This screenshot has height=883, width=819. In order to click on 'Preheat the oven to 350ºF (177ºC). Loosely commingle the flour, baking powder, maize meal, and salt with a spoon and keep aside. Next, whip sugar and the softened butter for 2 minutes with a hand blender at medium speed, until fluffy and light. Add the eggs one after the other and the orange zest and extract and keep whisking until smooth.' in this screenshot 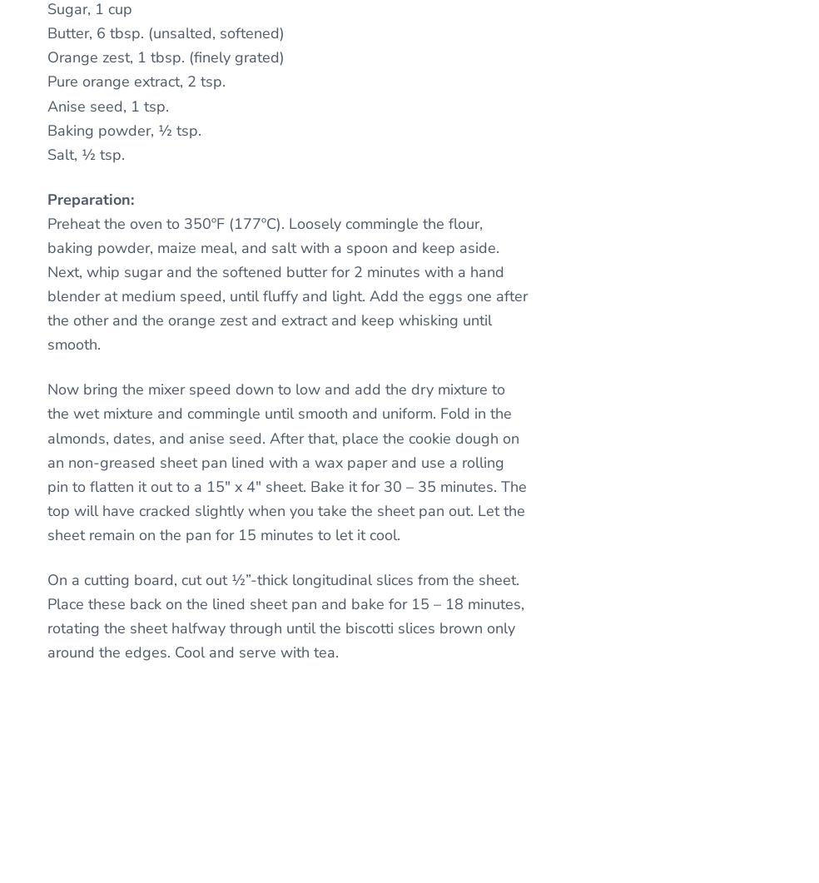, I will do `click(46, 283)`.